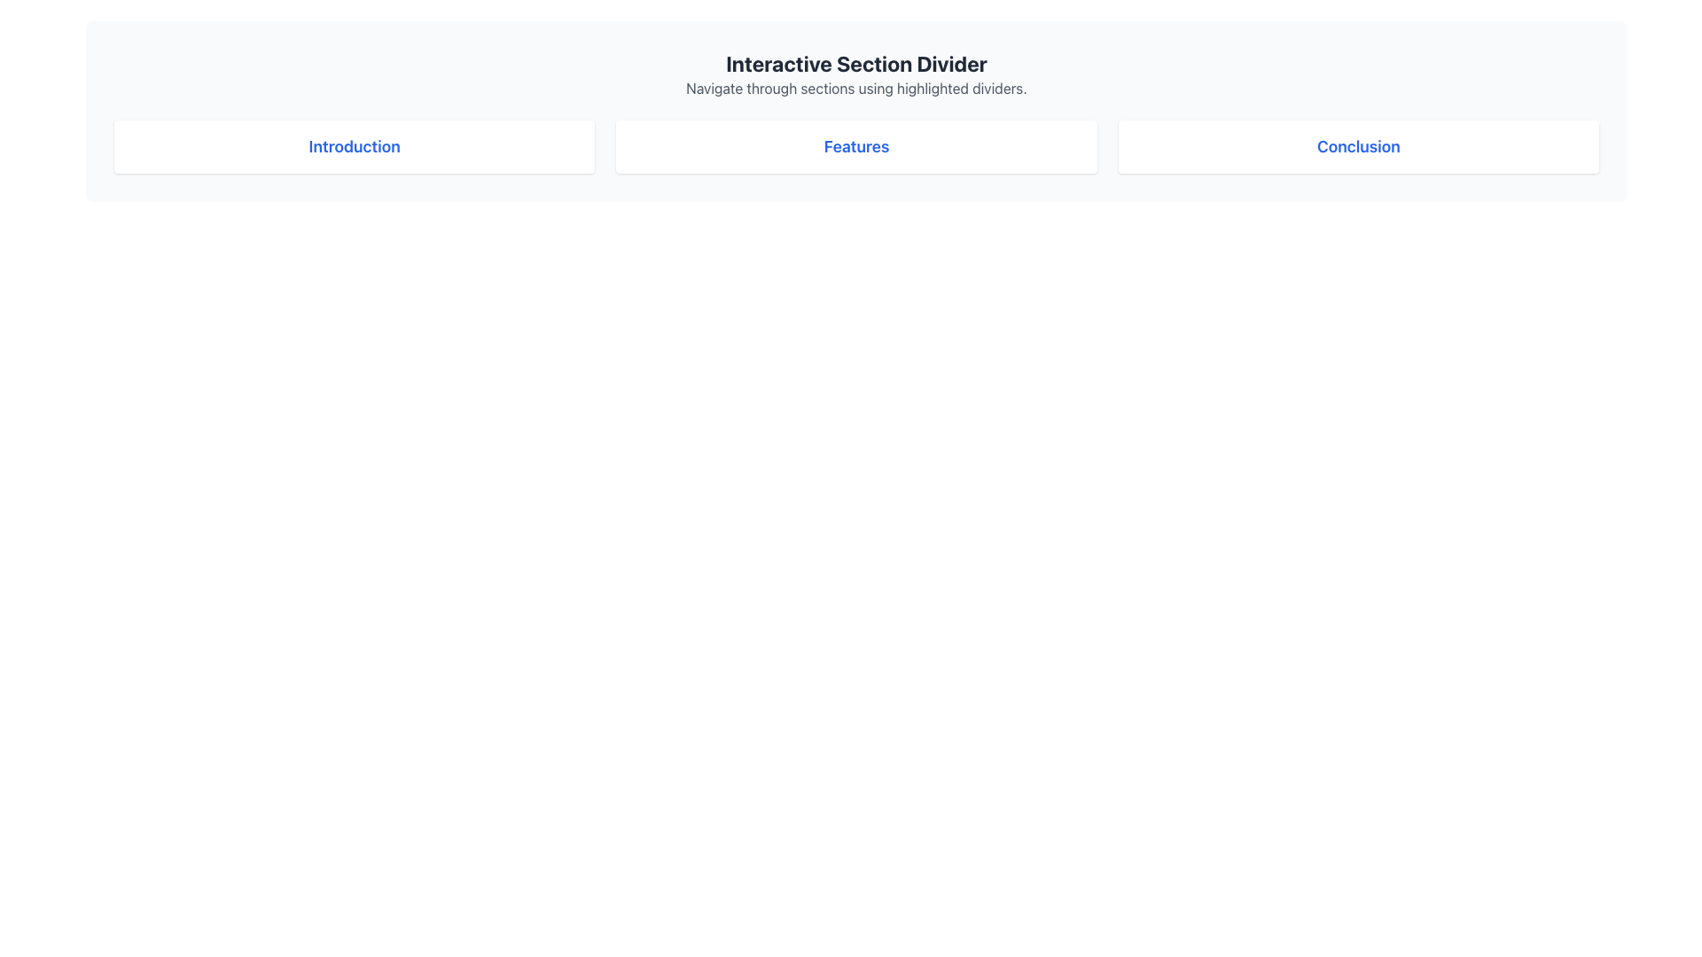 The height and width of the screenshot is (957, 1702). What do you see at coordinates (856, 145) in the screenshot?
I see `the 'Features' button, which has a white background, rounded corners, and blue bold text` at bounding box center [856, 145].